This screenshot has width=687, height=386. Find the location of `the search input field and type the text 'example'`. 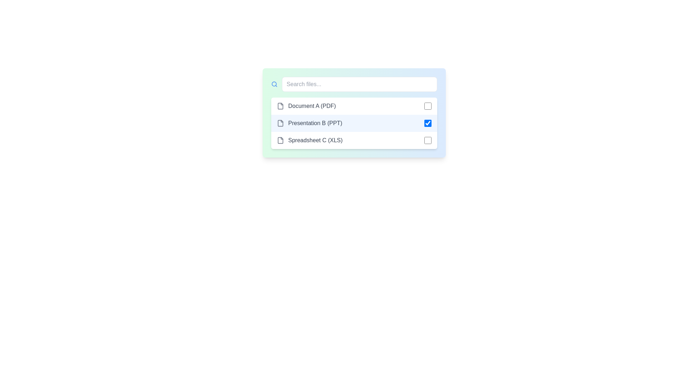

the search input field and type the text 'example' is located at coordinates (359, 84).